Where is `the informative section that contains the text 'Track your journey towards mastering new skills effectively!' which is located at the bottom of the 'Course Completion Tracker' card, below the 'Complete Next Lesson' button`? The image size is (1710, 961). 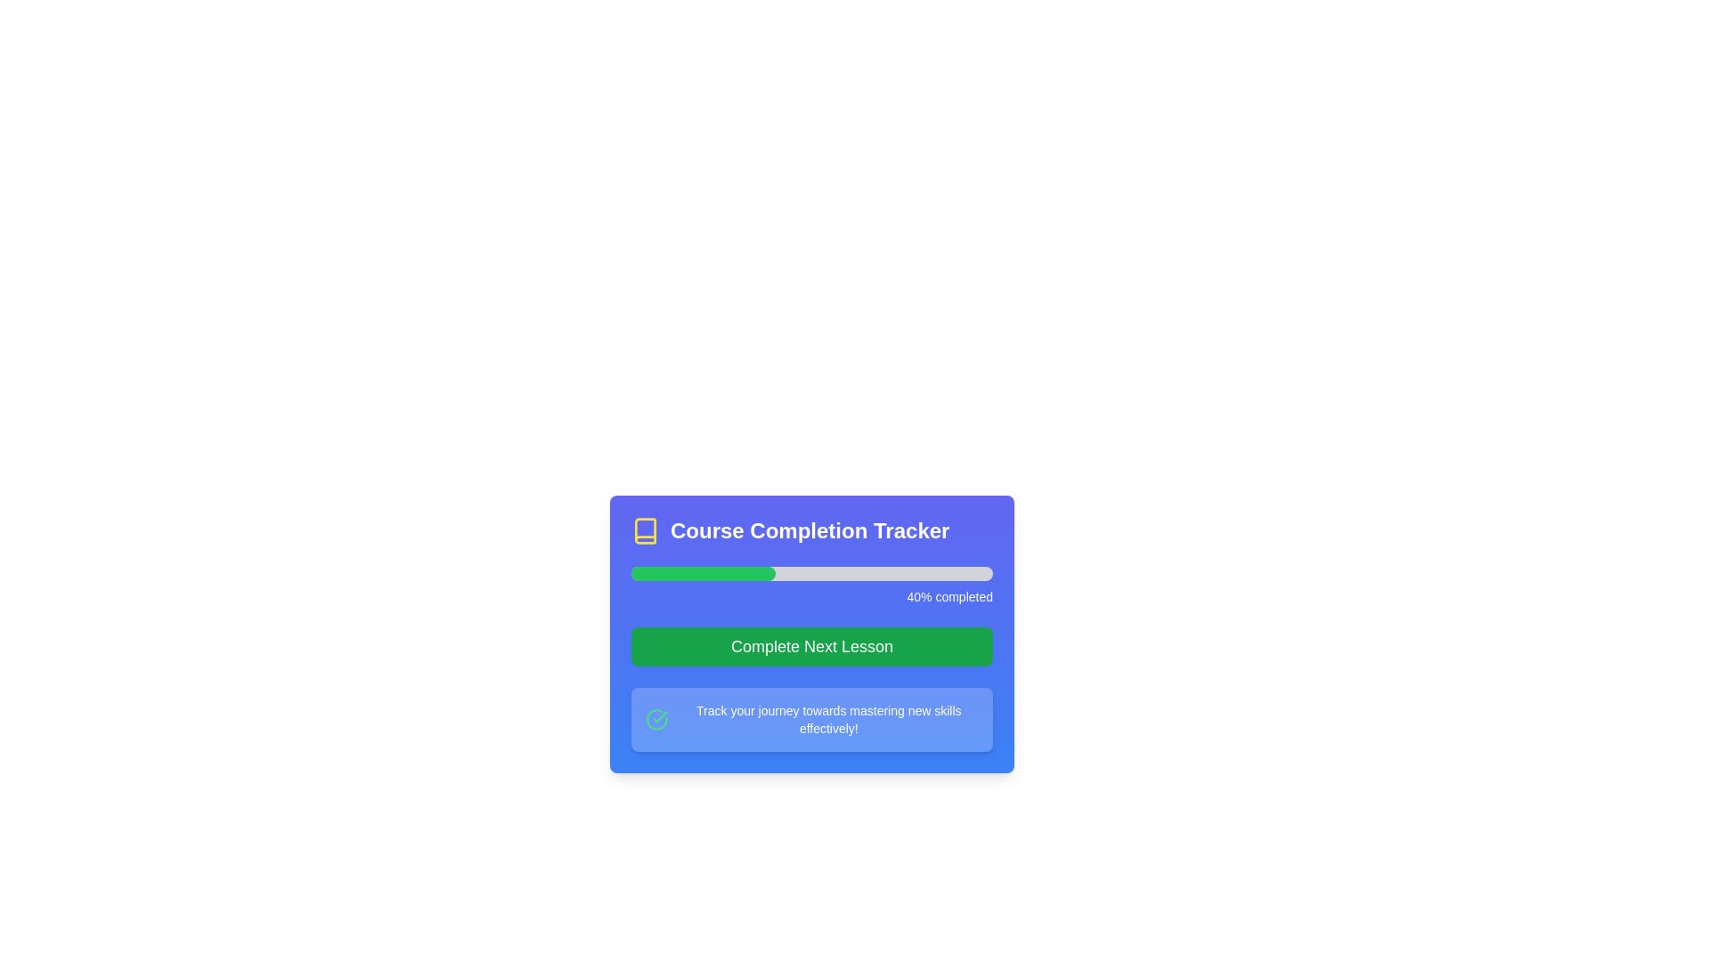 the informative section that contains the text 'Track your journey towards mastering new skills effectively!' which is located at the bottom of the 'Course Completion Tracker' card, below the 'Complete Next Lesson' button is located at coordinates (811, 719).